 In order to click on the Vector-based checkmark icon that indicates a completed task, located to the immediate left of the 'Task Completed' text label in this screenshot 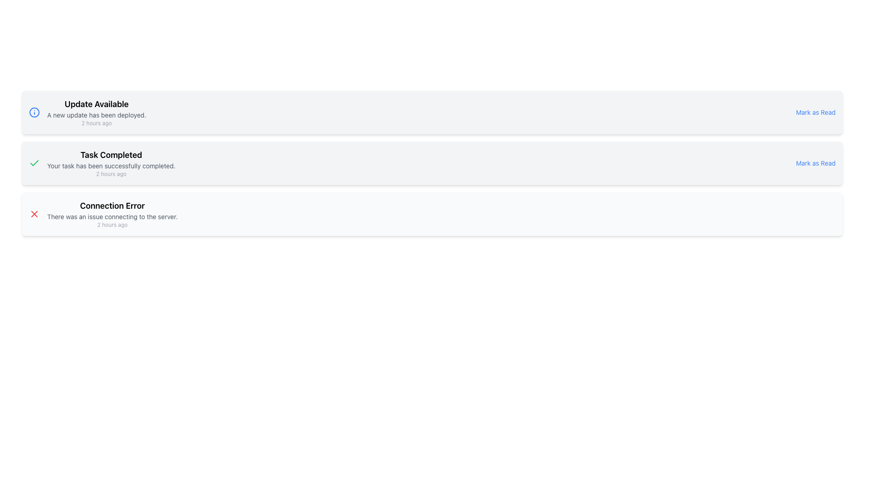, I will do `click(34, 162)`.